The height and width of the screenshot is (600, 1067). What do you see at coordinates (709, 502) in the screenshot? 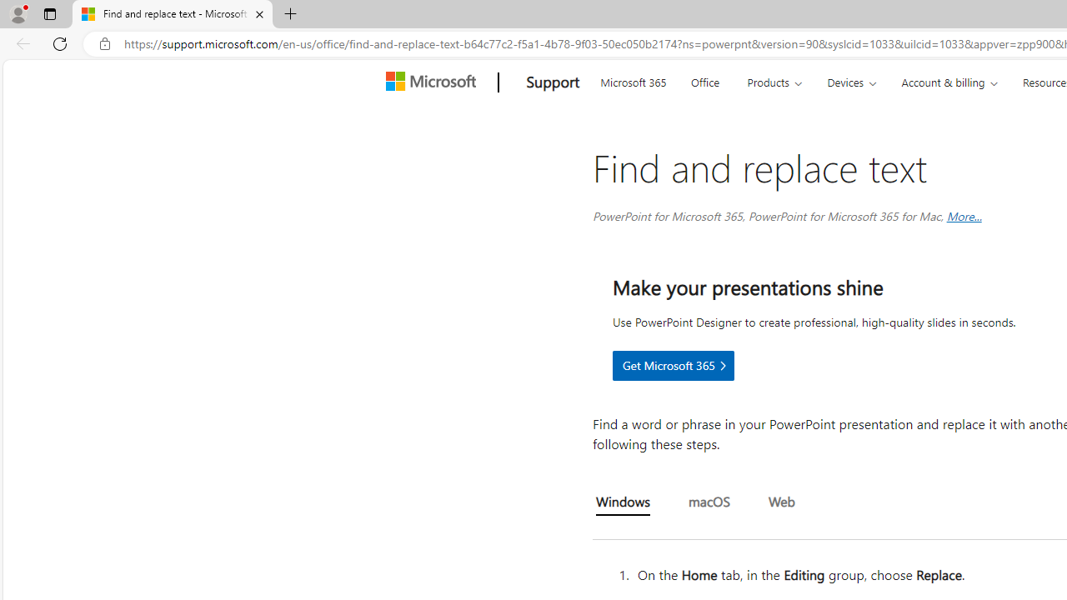
I see `'macOS'` at bounding box center [709, 502].